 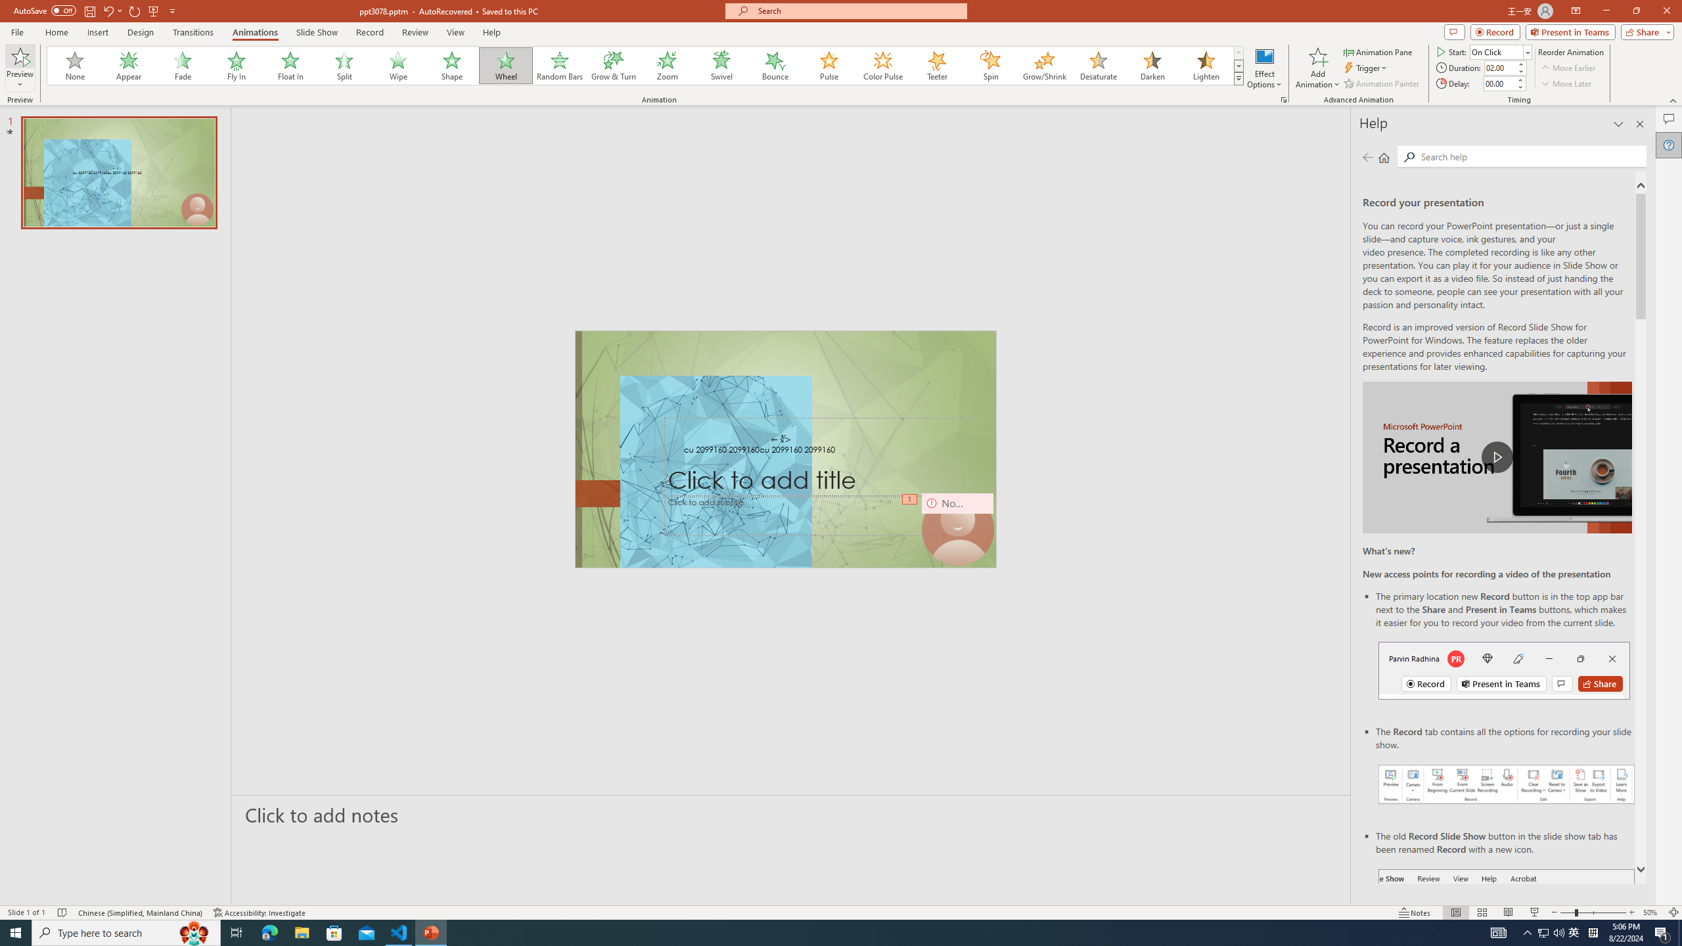 I want to click on 'Animation Pane', so click(x=1379, y=51).